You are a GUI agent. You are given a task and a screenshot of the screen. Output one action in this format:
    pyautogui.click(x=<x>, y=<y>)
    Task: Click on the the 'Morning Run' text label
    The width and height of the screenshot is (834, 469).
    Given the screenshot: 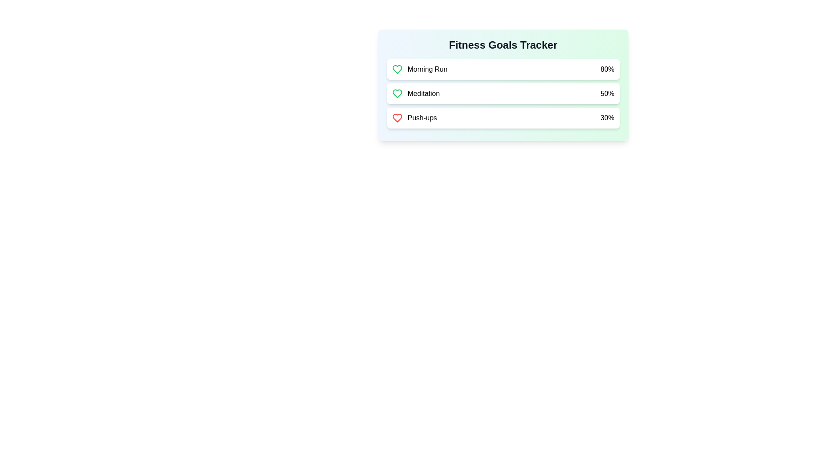 What is the action you would take?
    pyautogui.click(x=427, y=69)
    